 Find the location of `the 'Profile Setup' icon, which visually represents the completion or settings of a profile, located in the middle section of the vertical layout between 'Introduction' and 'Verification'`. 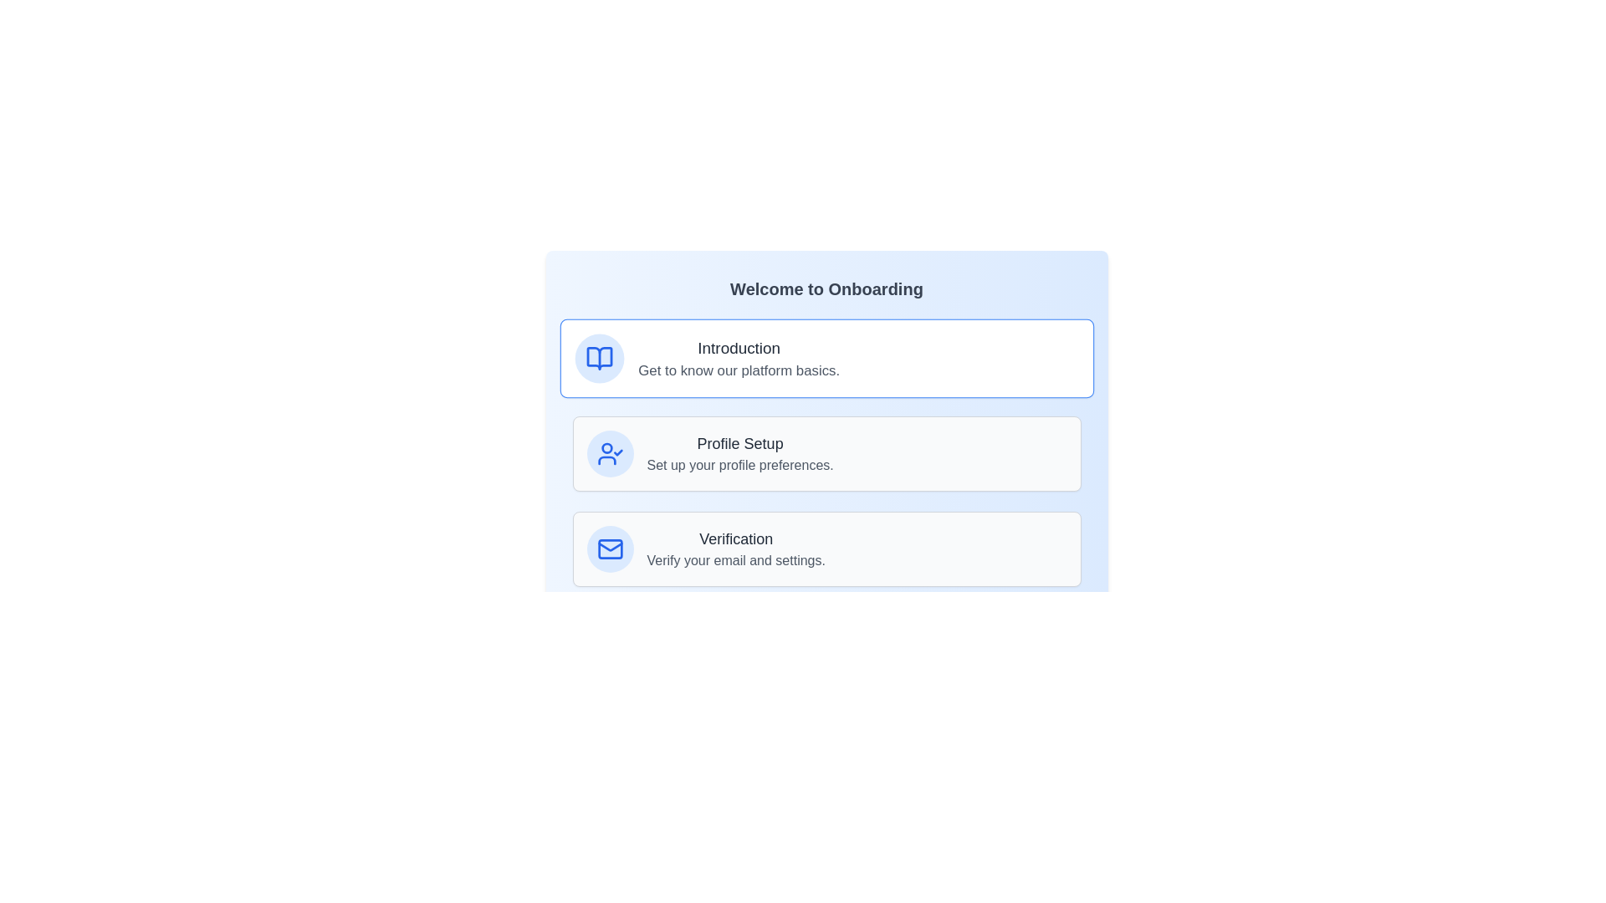

the 'Profile Setup' icon, which visually represents the completion or settings of a profile, located in the middle section of the vertical layout between 'Introduction' and 'Verification' is located at coordinates (609, 454).